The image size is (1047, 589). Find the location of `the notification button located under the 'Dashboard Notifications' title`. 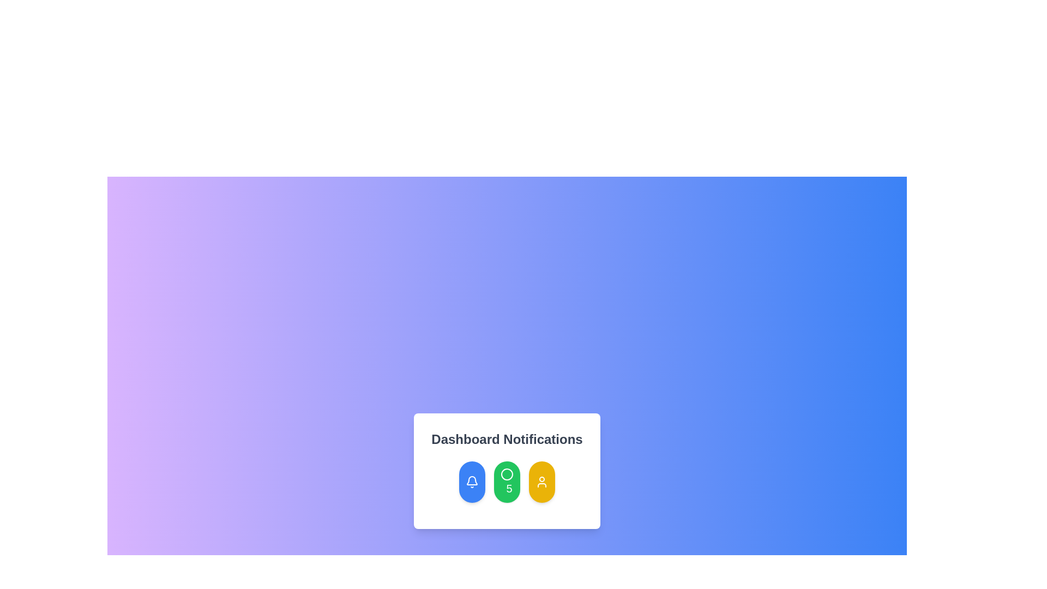

the notification button located under the 'Dashboard Notifications' title is located at coordinates (472, 481).